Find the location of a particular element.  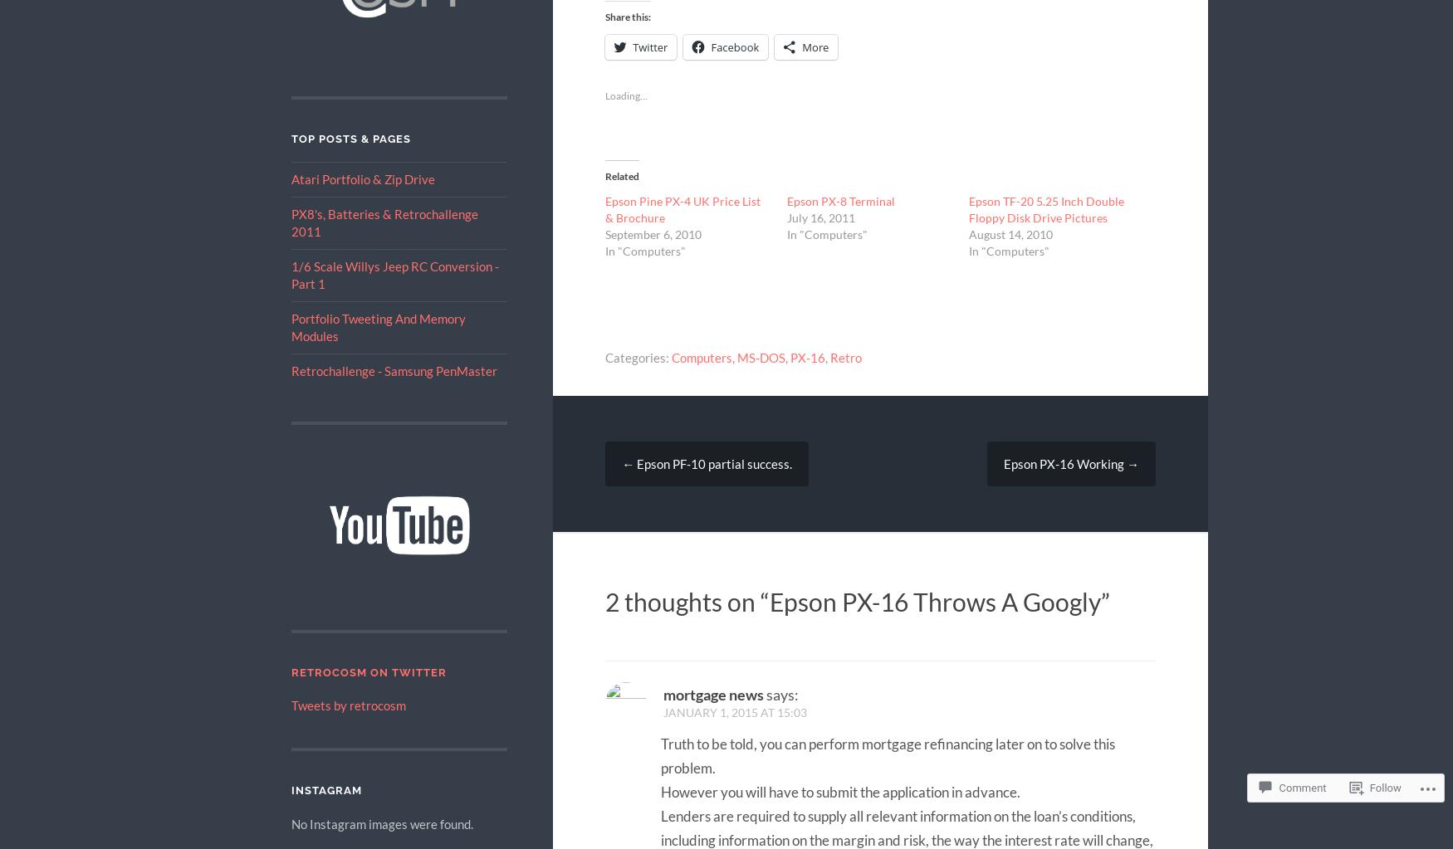

'Share this:' is located at coordinates (605, 16).